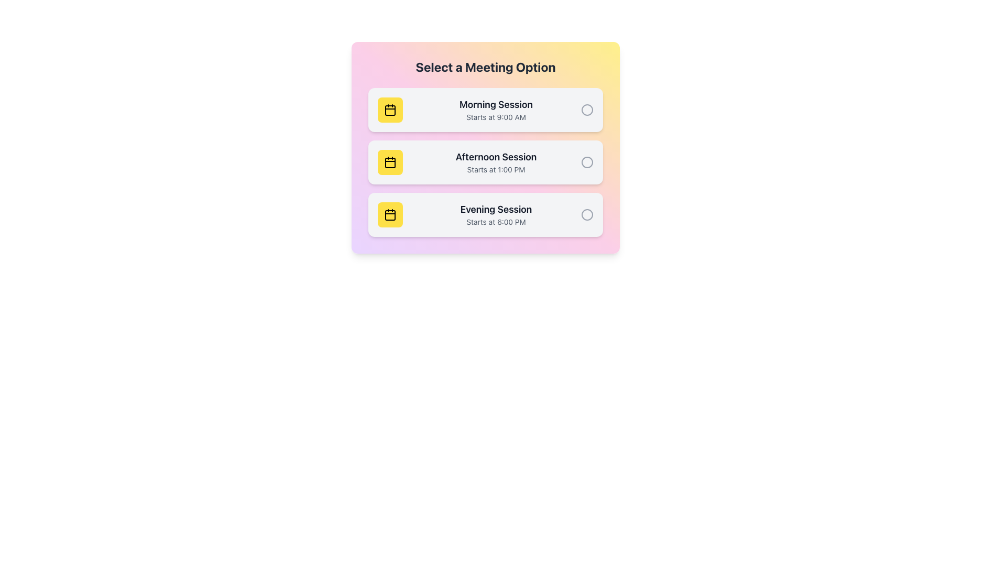 Image resolution: width=1006 pixels, height=566 pixels. What do you see at coordinates (495, 117) in the screenshot?
I see `the text label indicating the start time of the 'Morning Session'` at bounding box center [495, 117].